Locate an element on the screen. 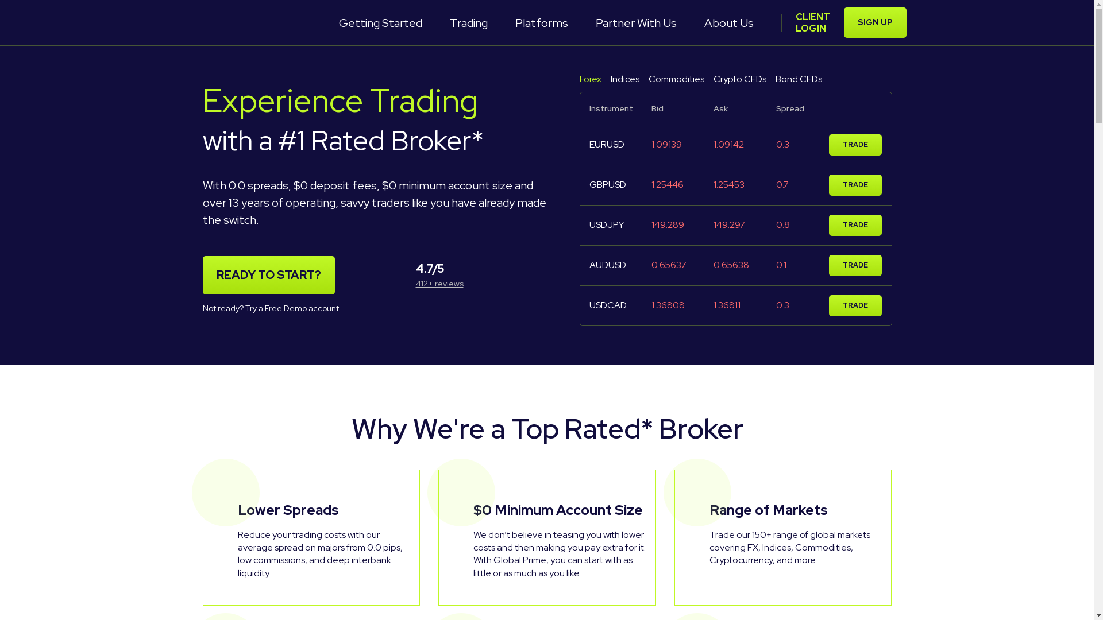 This screenshot has height=620, width=1103. 'Commodities' is located at coordinates (676, 79).